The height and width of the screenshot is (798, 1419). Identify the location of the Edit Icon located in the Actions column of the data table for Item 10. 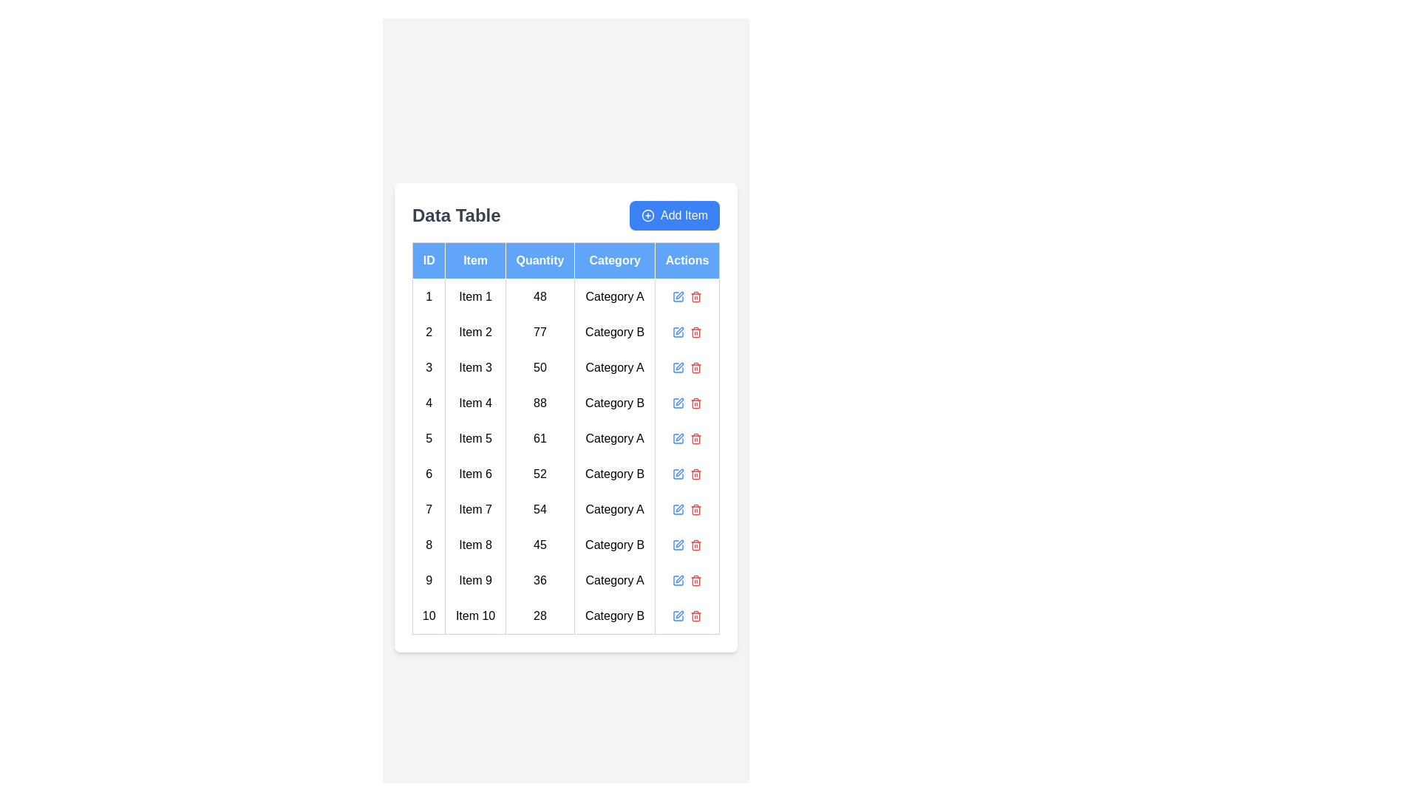
(679, 613).